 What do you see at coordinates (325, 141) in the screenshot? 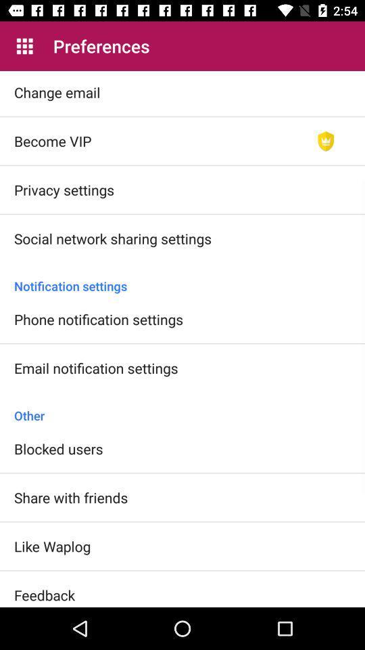
I see `item above the notification settings item` at bounding box center [325, 141].